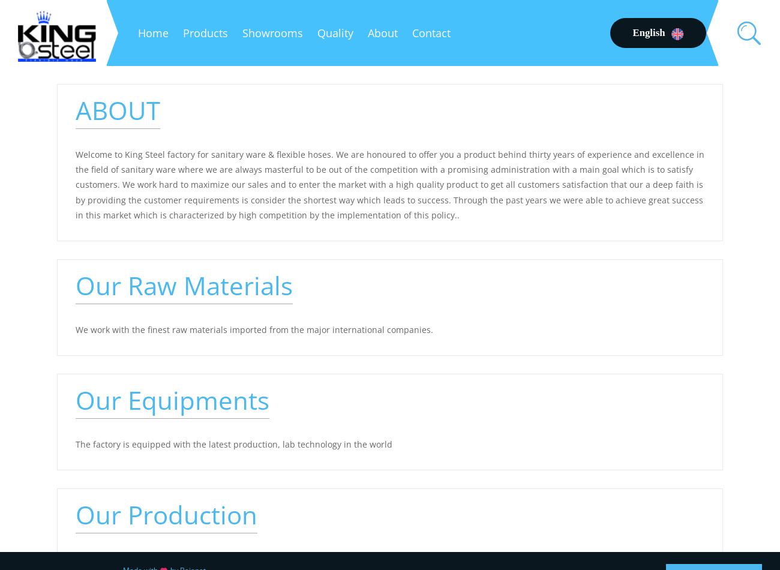 This screenshot has height=570, width=780. Describe the element at coordinates (184, 284) in the screenshot. I see `'Our Raw Materials'` at that location.